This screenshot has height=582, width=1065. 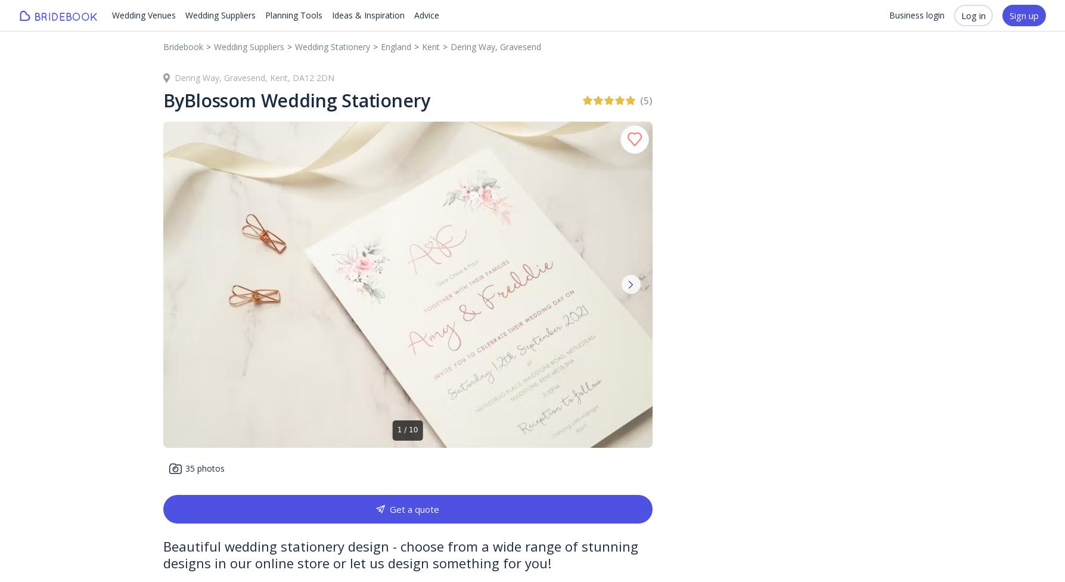 What do you see at coordinates (650, 99) in the screenshot?
I see `')'` at bounding box center [650, 99].